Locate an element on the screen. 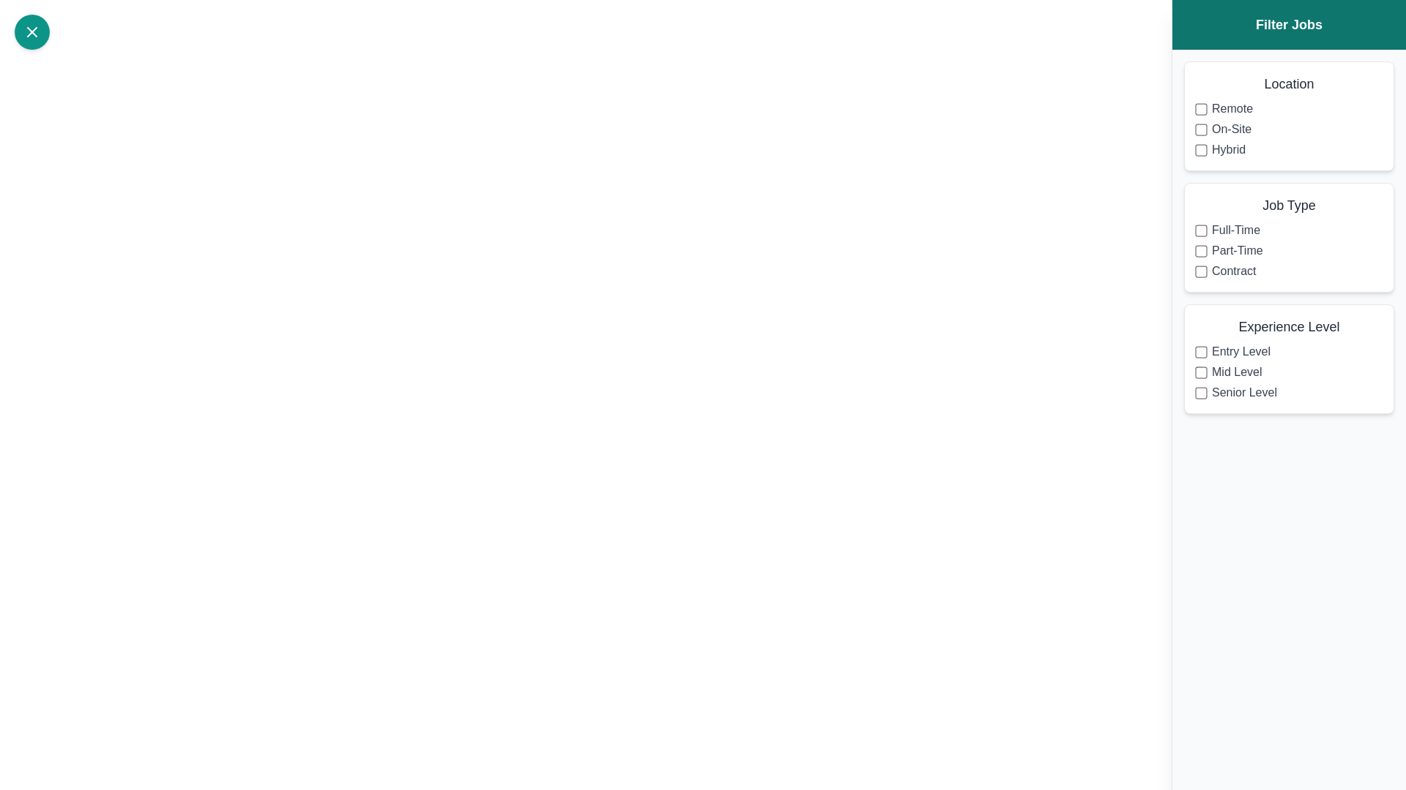 The image size is (1406, 790). the filter option Contract is located at coordinates (1201, 271).